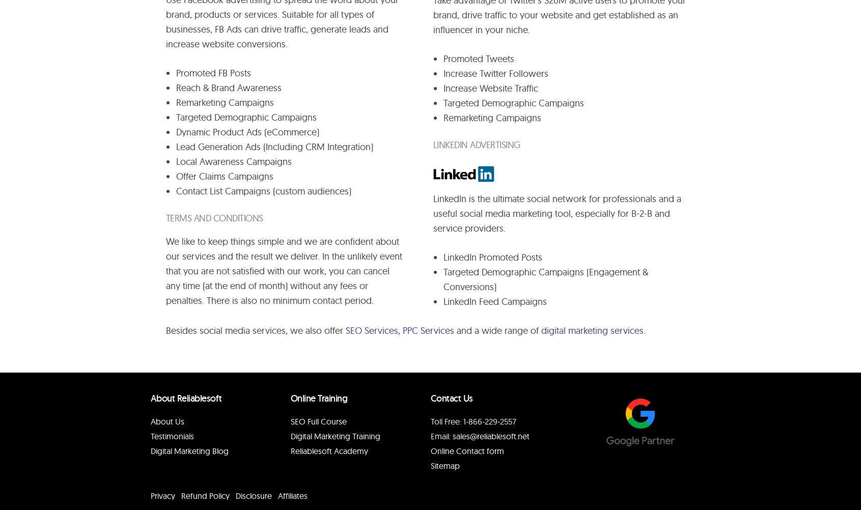 This screenshot has width=861, height=510. What do you see at coordinates (214, 217) in the screenshot?
I see `'Terms and Conditions'` at bounding box center [214, 217].